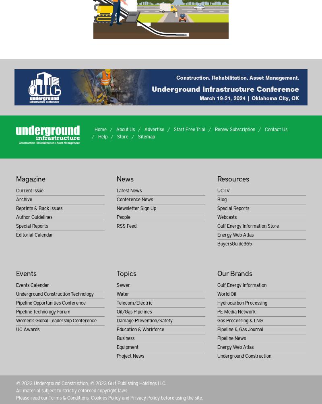 This screenshot has width=322, height=404. What do you see at coordinates (68, 397) in the screenshot?
I see `'Terms & Conditions'` at bounding box center [68, 397].